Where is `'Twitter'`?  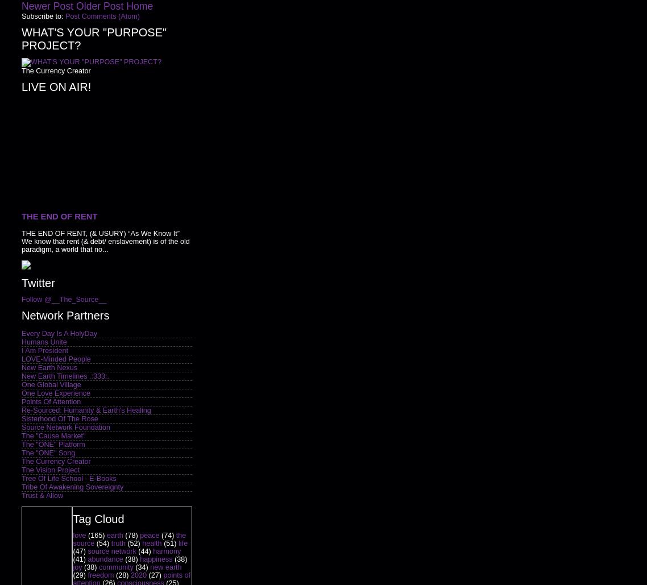
'Twitter' is located at coordinates (38, 283).